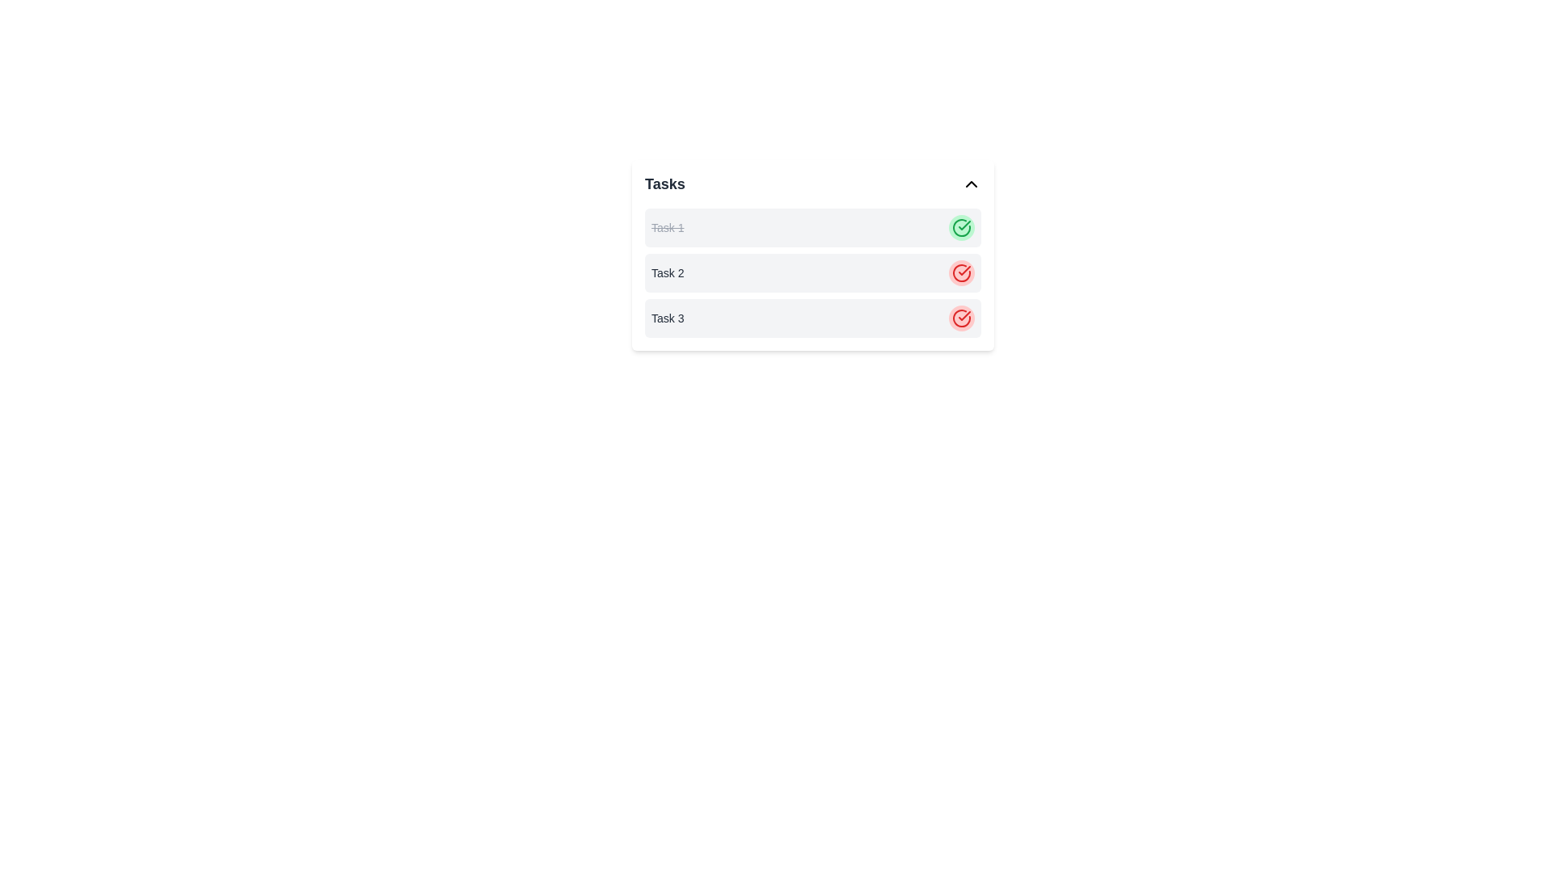  What do you see at coordinates (668, 227) in the screenshot?
I see `the Text label in the first item of the 'Tasks' list that indicates task completion status with strikethrough styling` at bounding box center [668, 227].